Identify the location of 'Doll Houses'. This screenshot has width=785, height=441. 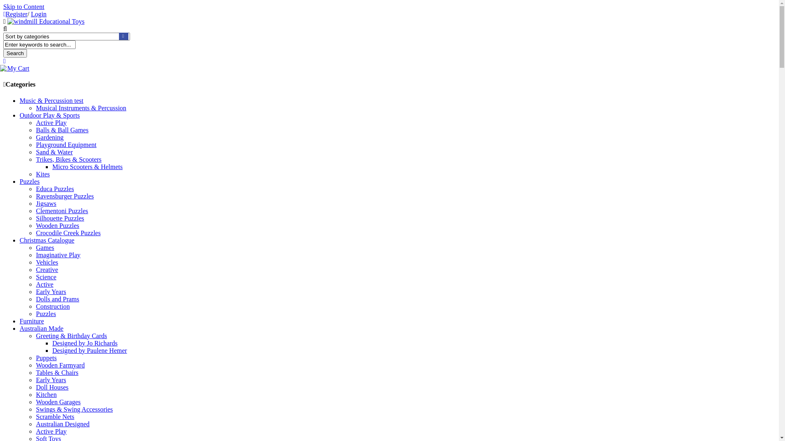
(52, 387).